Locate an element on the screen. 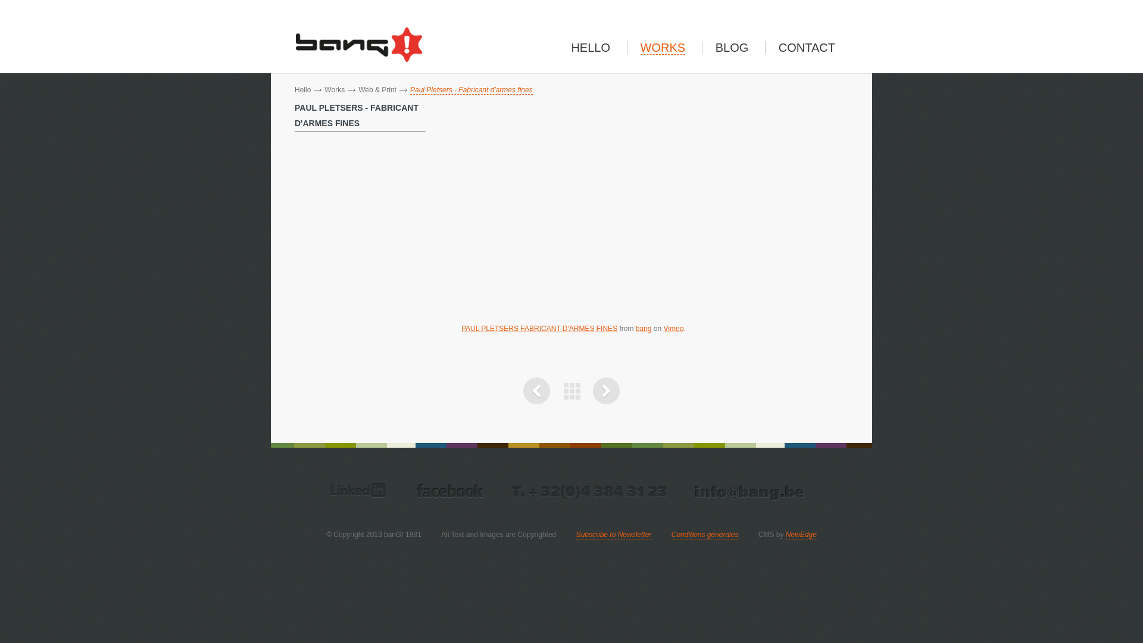 This screenshot has width=1143, height=643. 'Vimeo' is located at coordinates (674, 328).